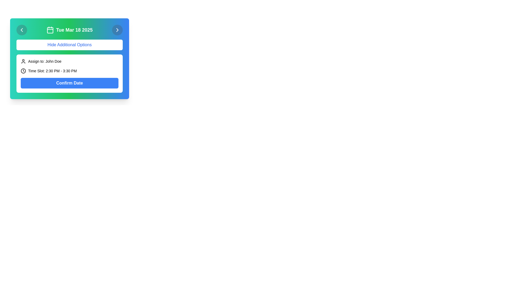  Describe the element at coordinates (50, 30) in the screenshot. I see `the Calendar icon located to the immediate left of the text 'Tue Mar 18 2025' in the green header` at that location.